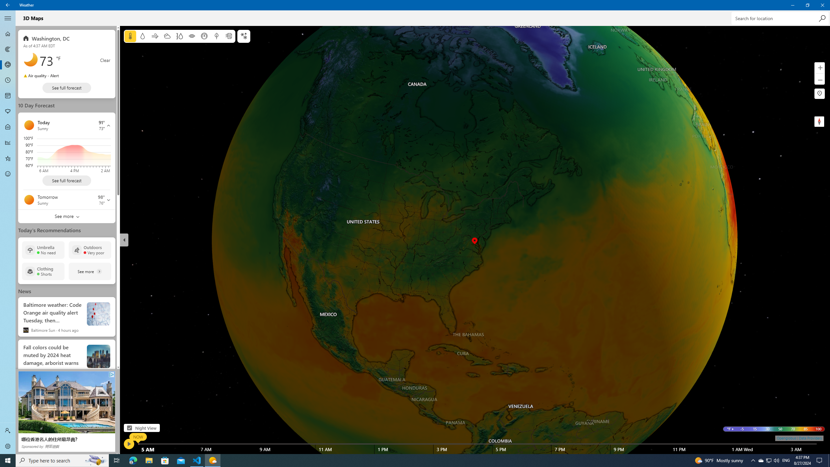  I want to click on 'Maps - Not Selected', so click(8, 49).